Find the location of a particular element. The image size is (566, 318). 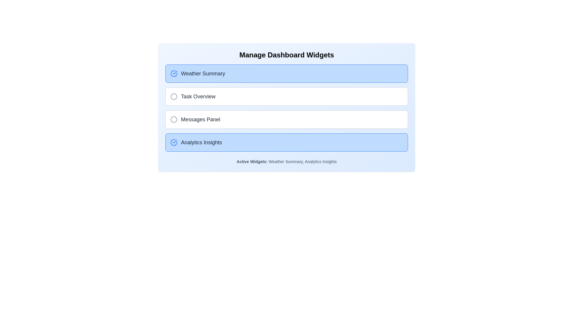

the visual indicator icon representing the active status for the 'Weather Summary' dashboard widget located to the left of the widget's text is located at coordinates (174, 73).